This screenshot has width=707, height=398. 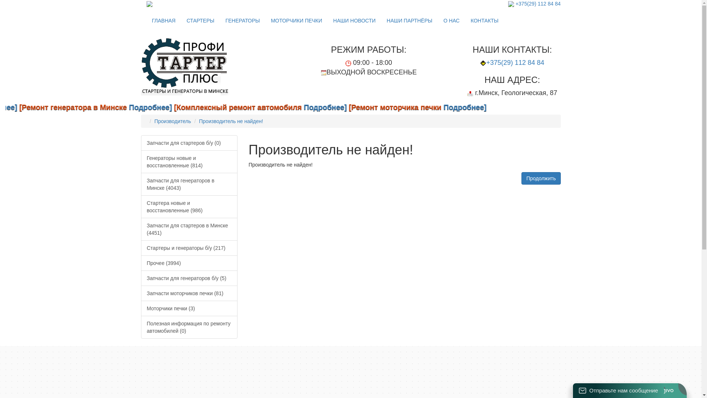 What do you see at coordinates (514, 62) in the screenshot?
I see `'+375(29) 112 84 84'` at bounding box center [514, 62].